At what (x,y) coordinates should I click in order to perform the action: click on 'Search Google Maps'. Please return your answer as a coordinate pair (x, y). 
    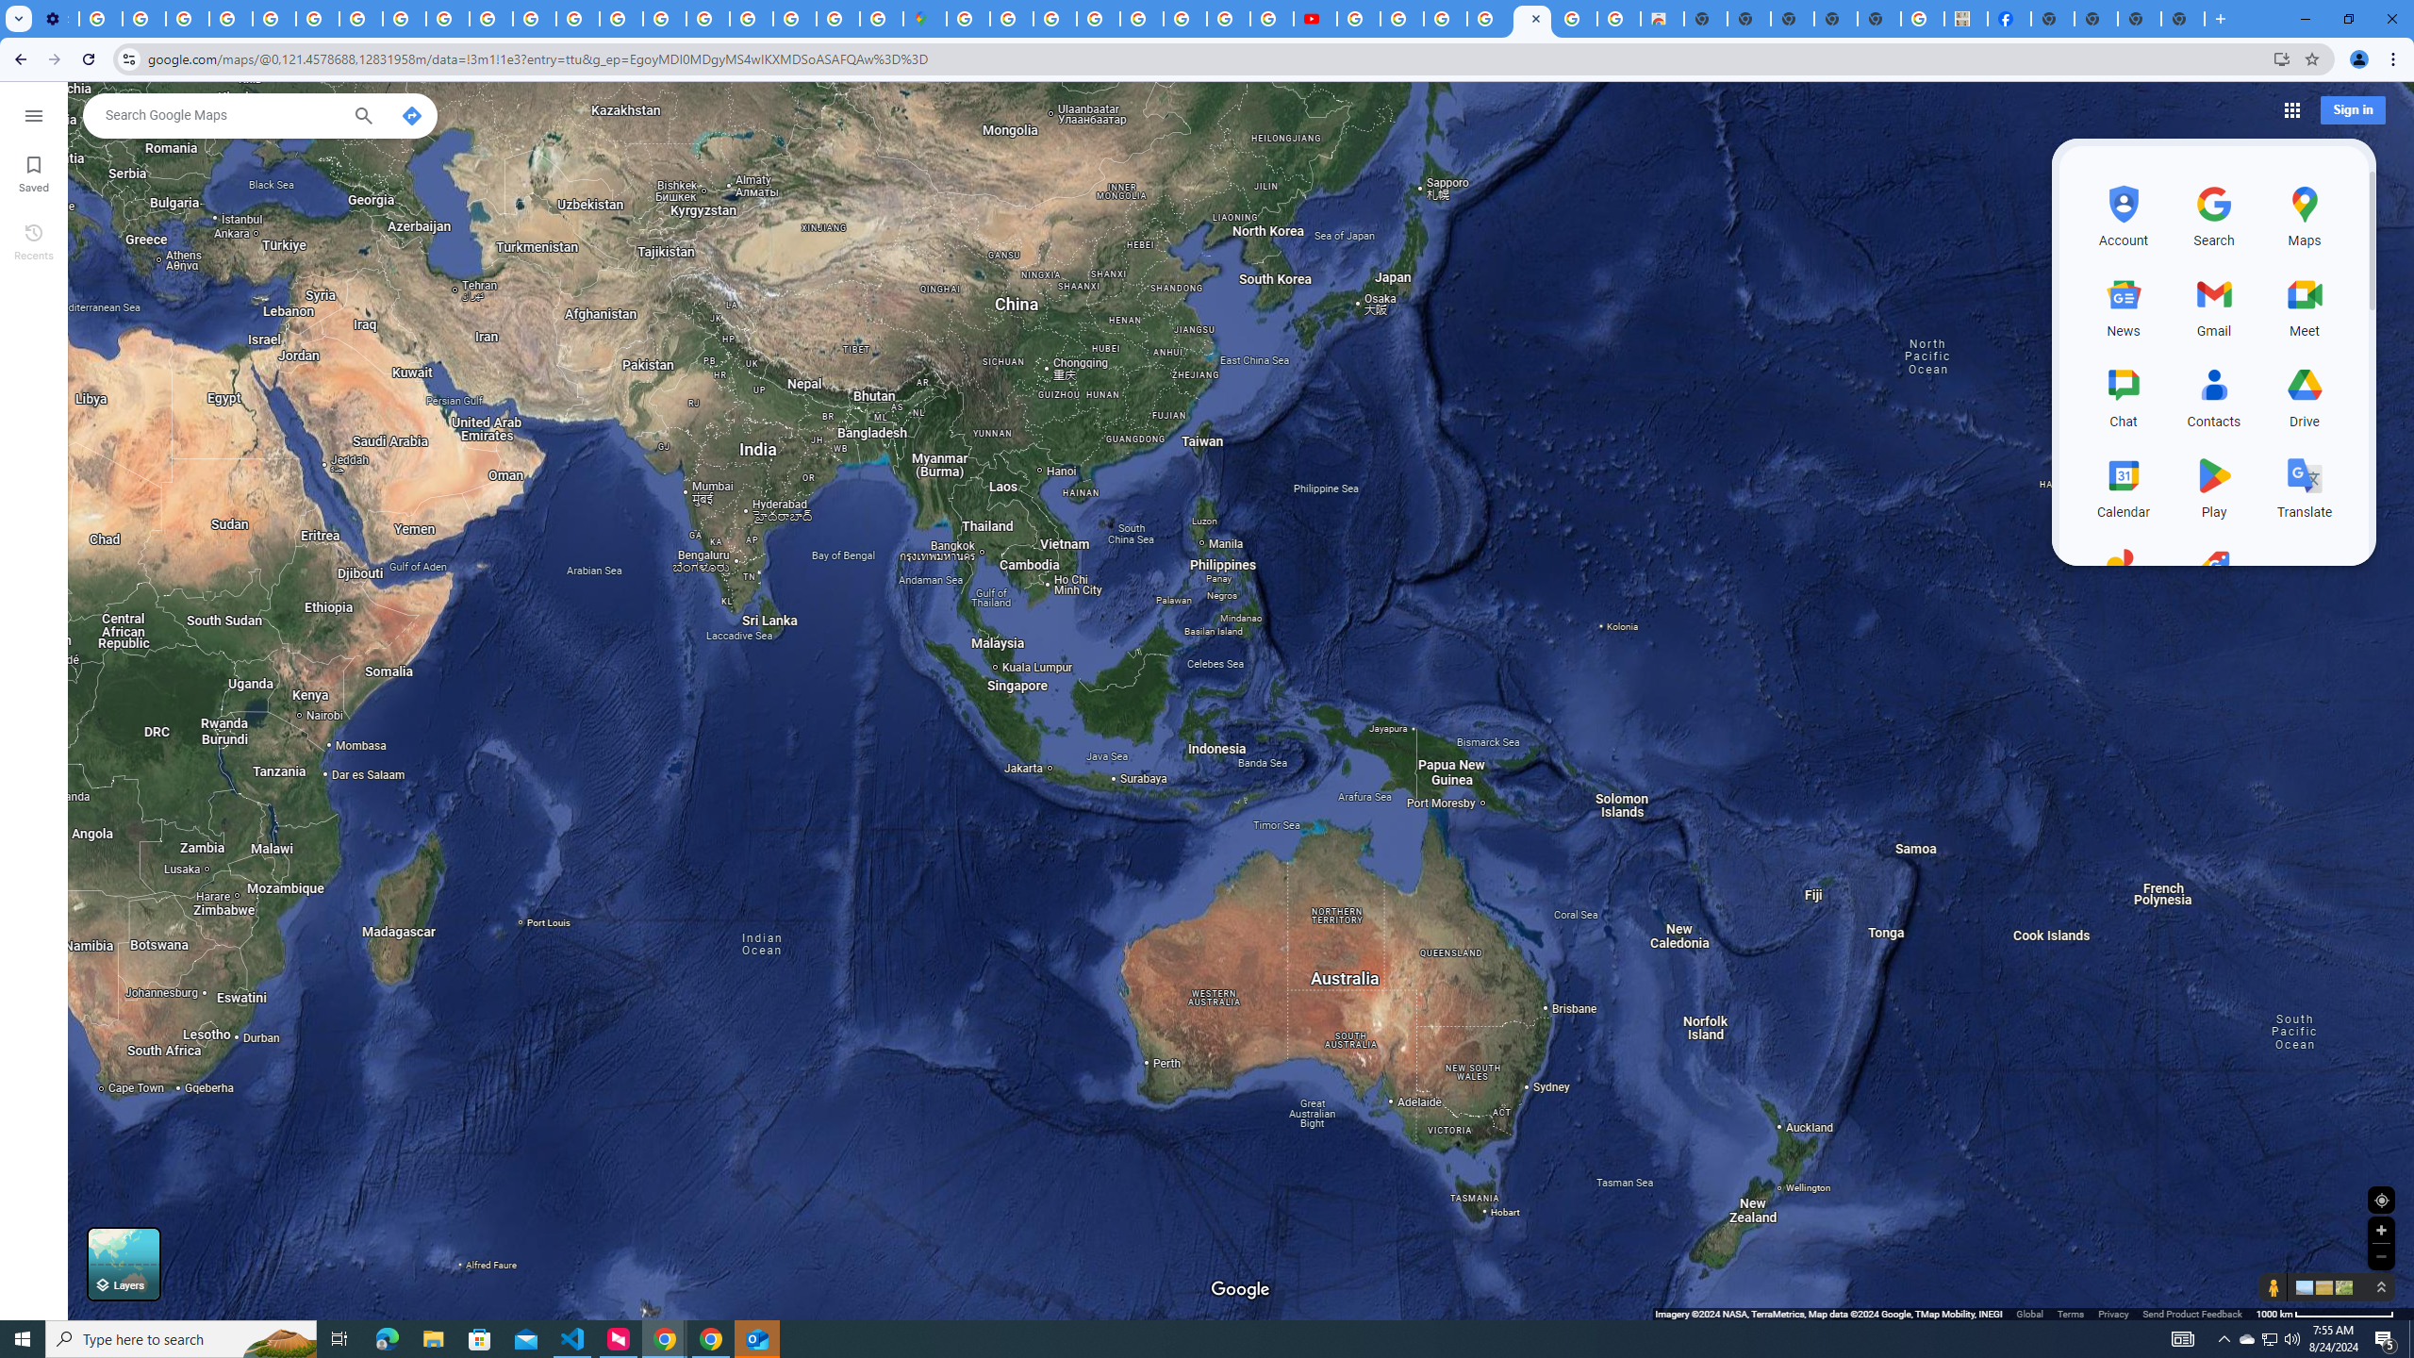
    Looking at the image, I should click on (222, 113).